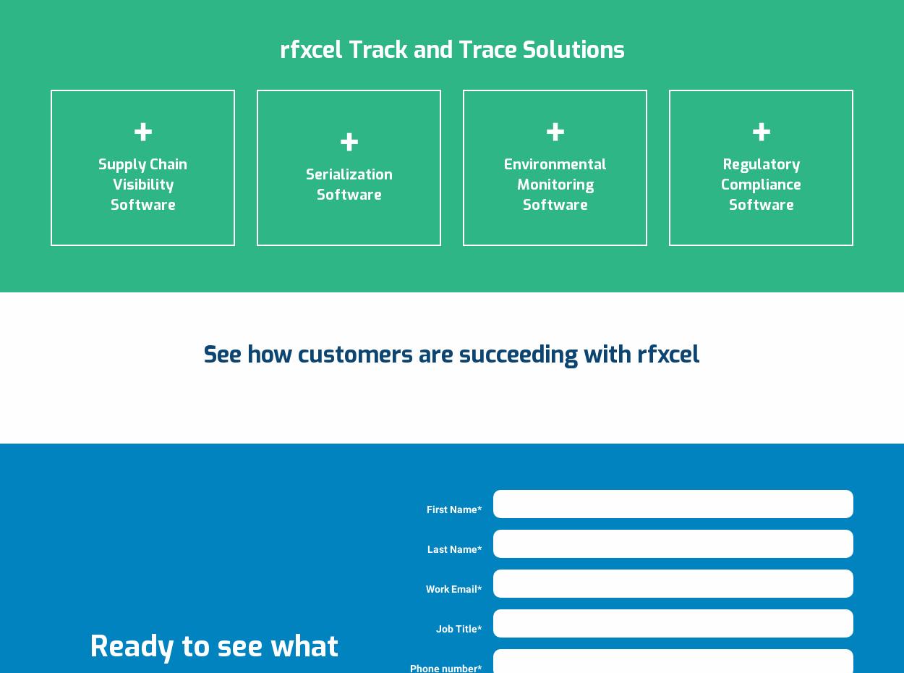 This screenshot has width=904, height=673. What do you see at coordinates (452, 352) in the screenshot?
I see `'See how customers are succeeding with rfxcel'` at bounding box center [452, 352].